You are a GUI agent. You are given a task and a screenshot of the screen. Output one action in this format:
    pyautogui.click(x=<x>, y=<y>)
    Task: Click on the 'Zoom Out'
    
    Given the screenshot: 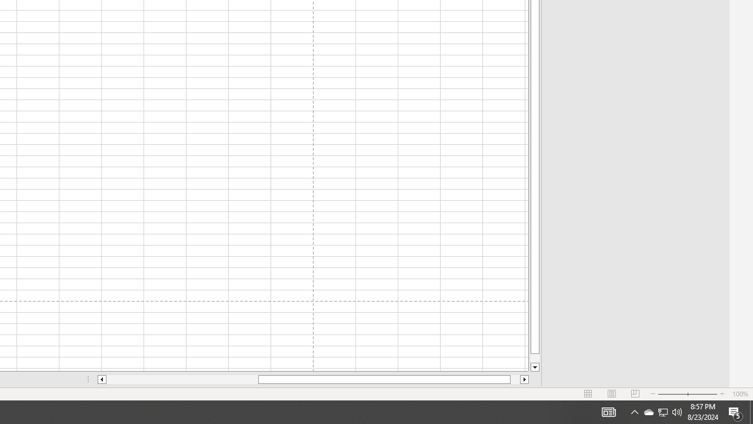 What is the action you would take?
    pyautogui.click(x=672, y=394)
    